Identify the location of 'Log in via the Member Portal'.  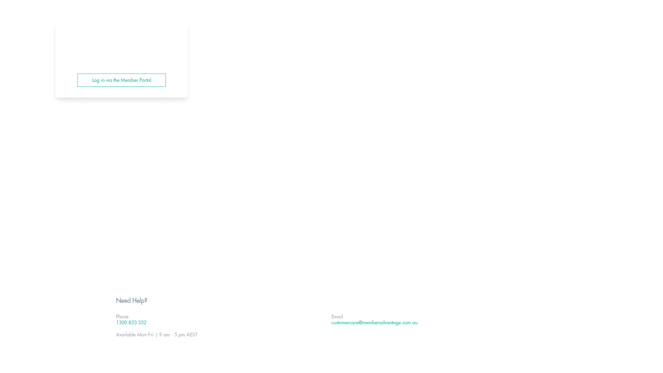
(121, 79).